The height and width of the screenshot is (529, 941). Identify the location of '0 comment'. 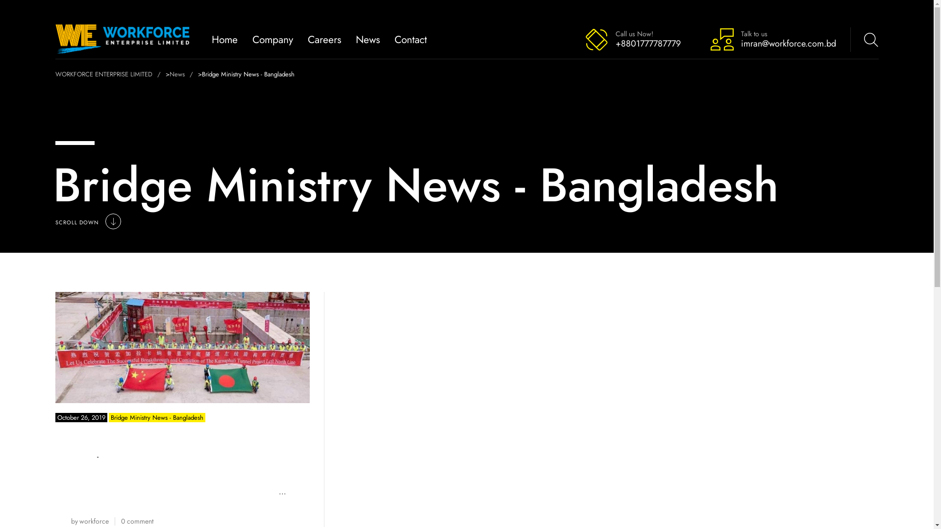
(136, 521).